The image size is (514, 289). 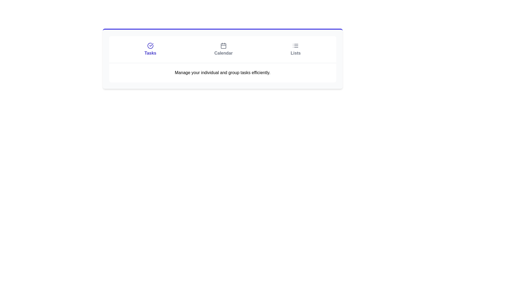 I want to click on the 'Calendar' tab in the navigation bar, so click(x=222, y=59).